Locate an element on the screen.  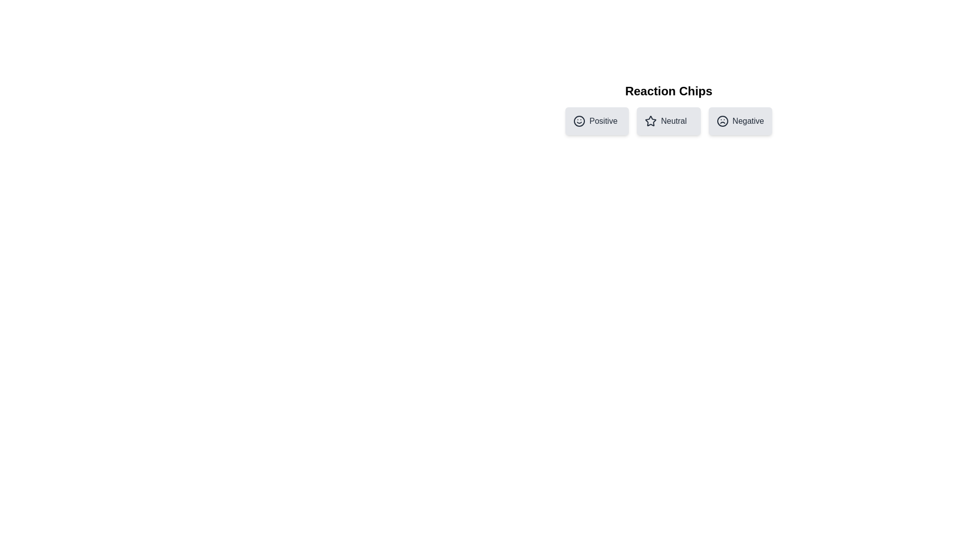
the chip labeled Neutral to preview its hover effect is located at coordinates (669, 121).